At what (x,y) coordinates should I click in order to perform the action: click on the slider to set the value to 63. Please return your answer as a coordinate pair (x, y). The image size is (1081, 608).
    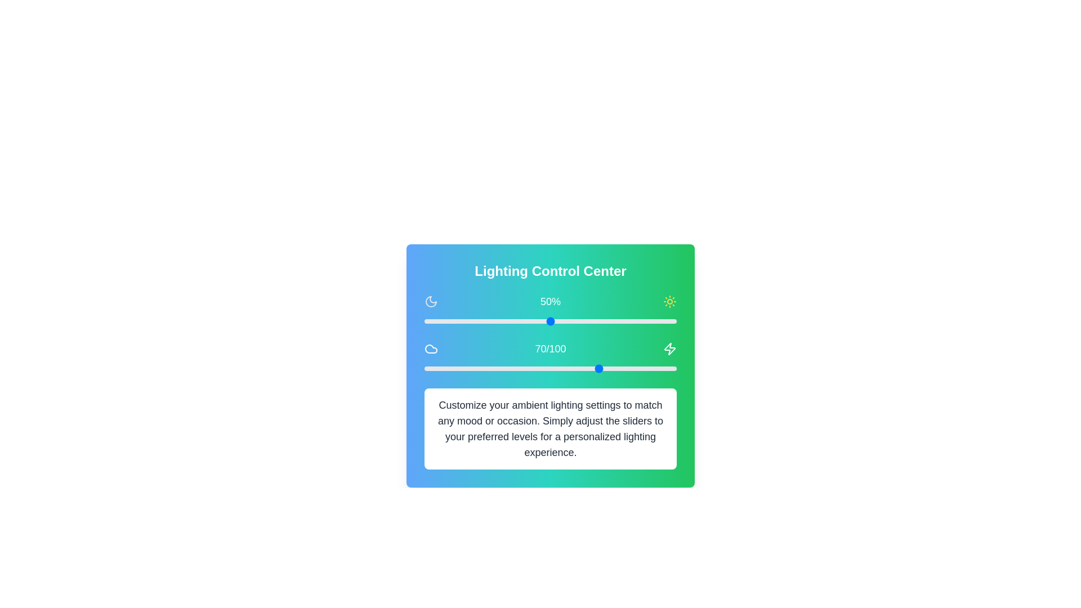
    Looking at the image, I should click on (583, 321).